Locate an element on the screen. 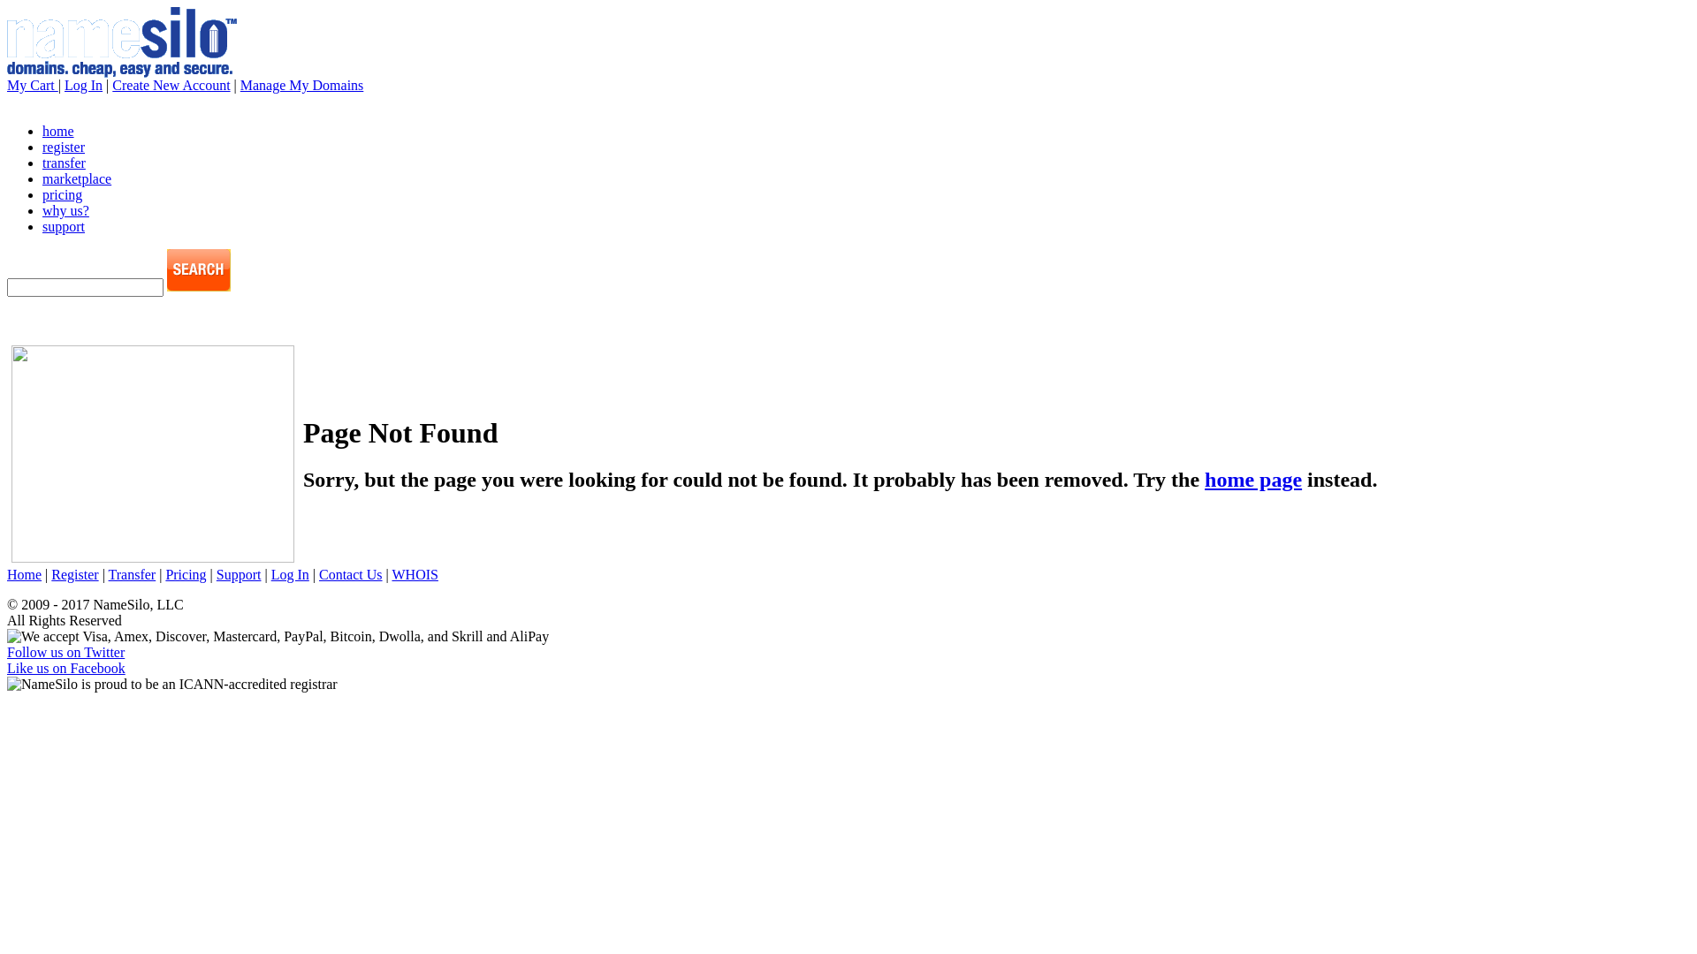 This screenshot has width=1697, height=954. 'Log In' is located at coordinates (82, 85).